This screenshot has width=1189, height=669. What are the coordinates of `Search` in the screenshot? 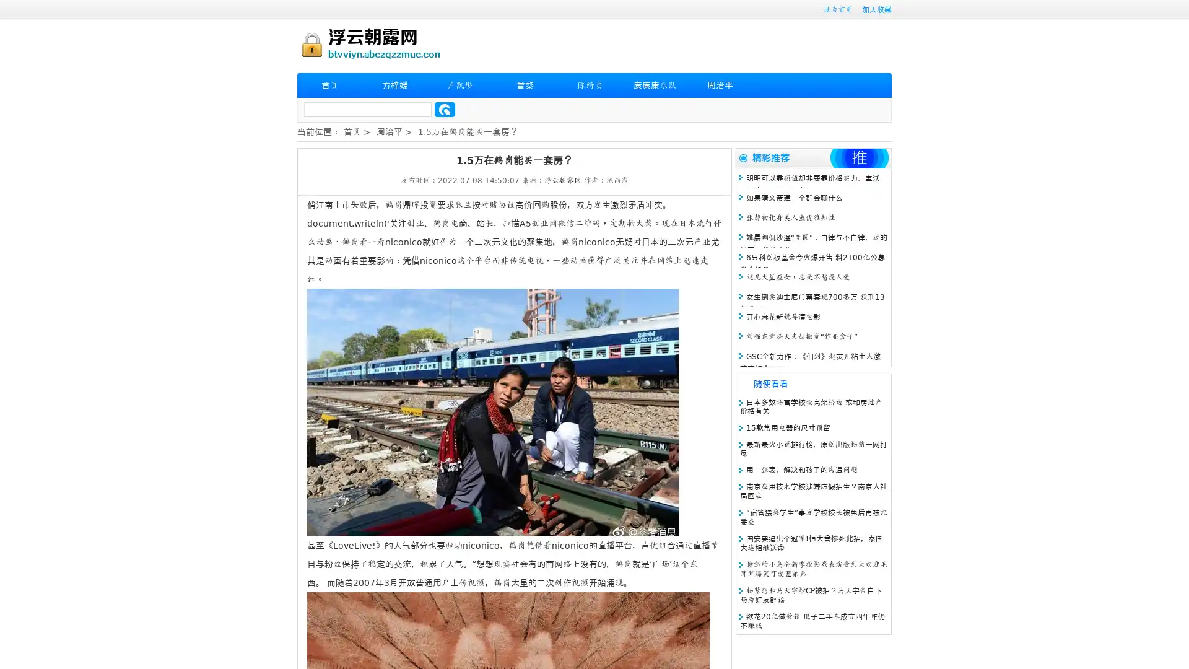 It's located at (445, 109).